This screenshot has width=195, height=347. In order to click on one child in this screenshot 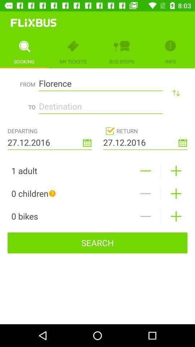, I will do `click(175, 193)`.